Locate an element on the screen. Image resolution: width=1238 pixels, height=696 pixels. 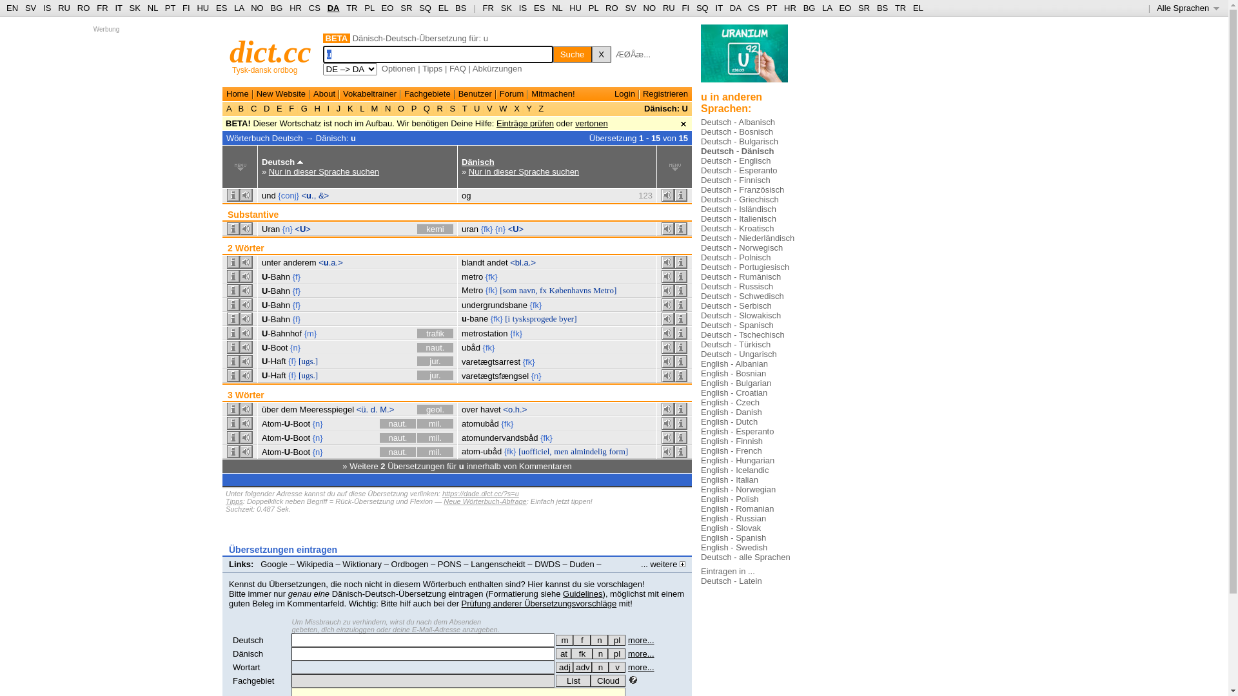
'over' is located at coordinates (469, 409).